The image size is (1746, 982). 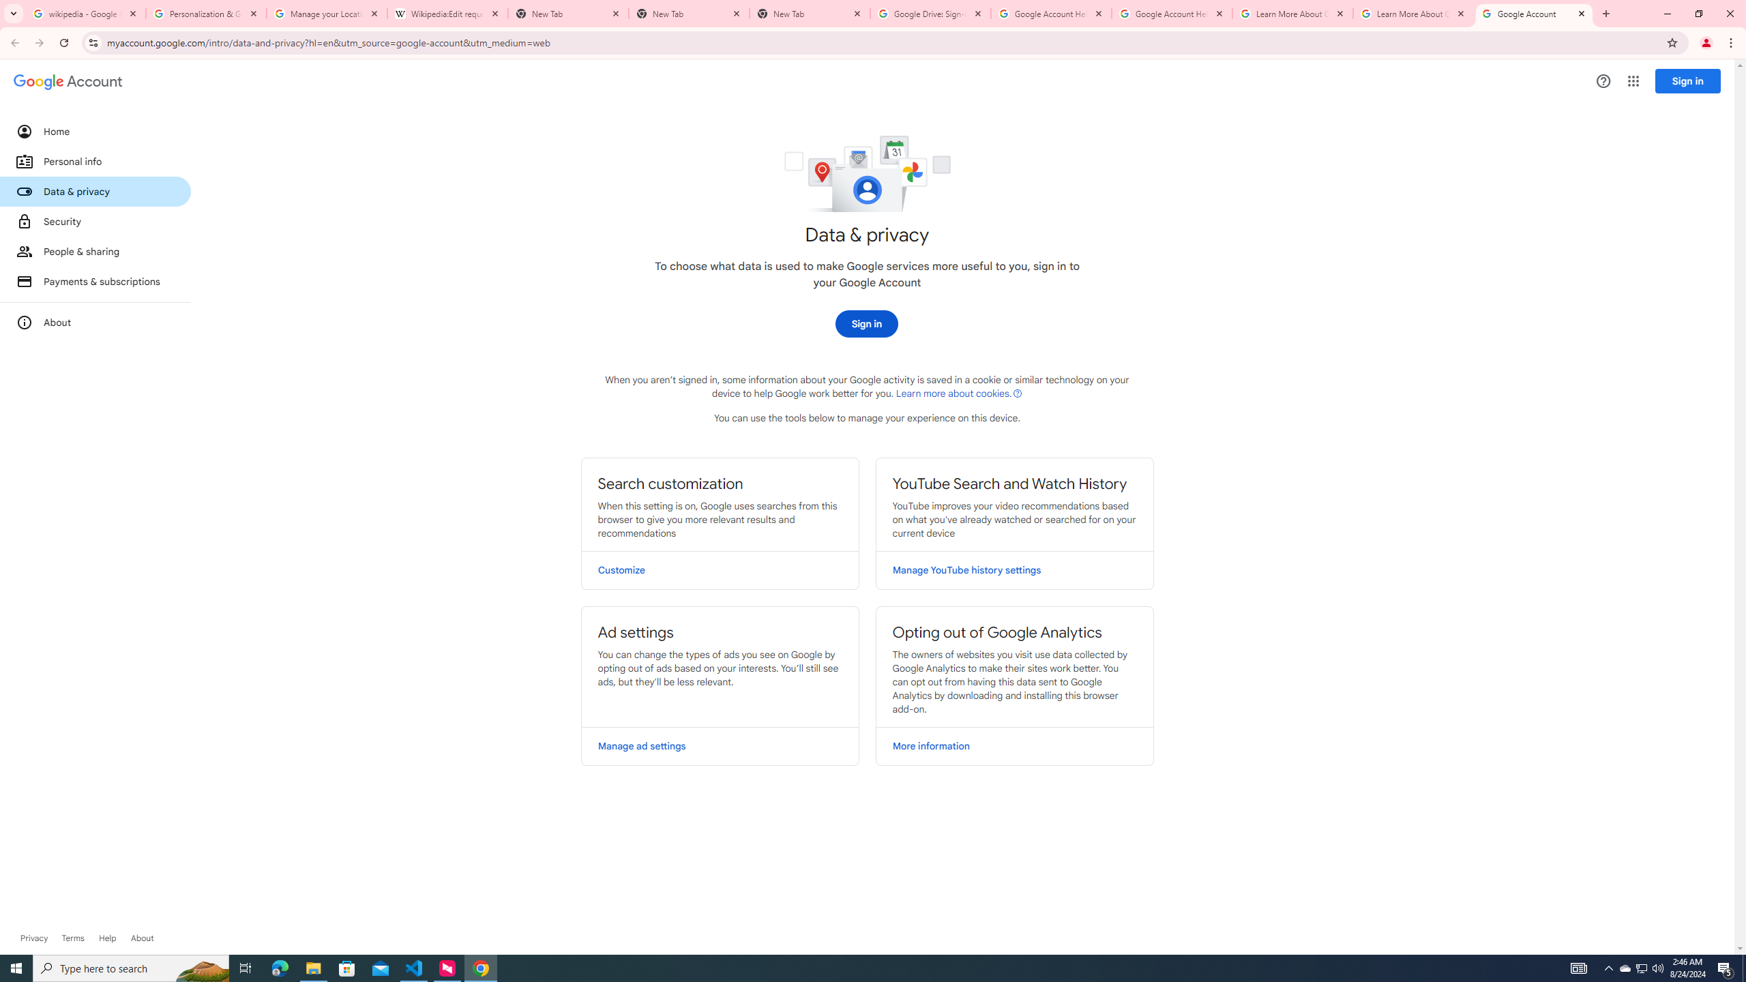 What do you see at coordinates (94, 130) in the screenshot?
I see `'Home'` at bounding box center [94, 130].